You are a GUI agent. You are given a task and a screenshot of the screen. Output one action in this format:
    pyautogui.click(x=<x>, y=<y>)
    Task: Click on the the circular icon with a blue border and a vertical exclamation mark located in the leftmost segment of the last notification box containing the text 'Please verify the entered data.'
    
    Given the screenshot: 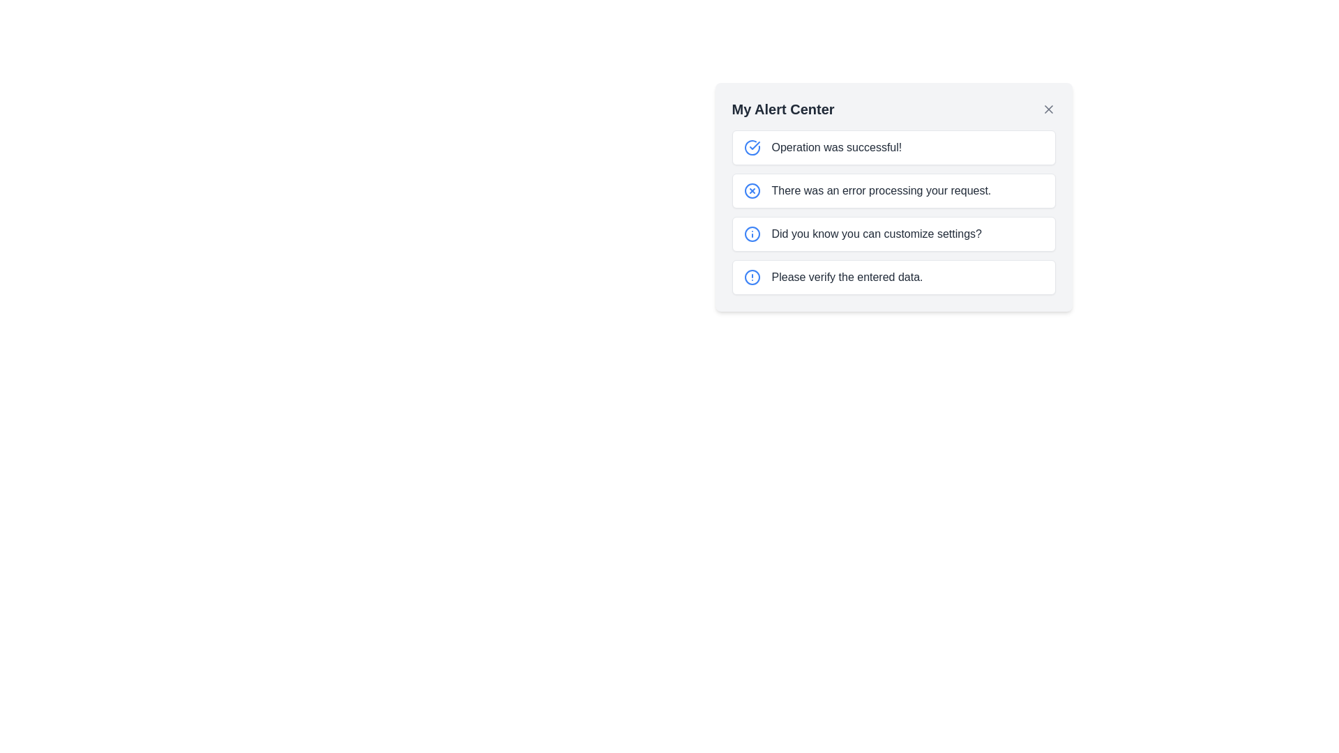 What is the action you would take?
    pyautogui.click(x=751, y=277)
    